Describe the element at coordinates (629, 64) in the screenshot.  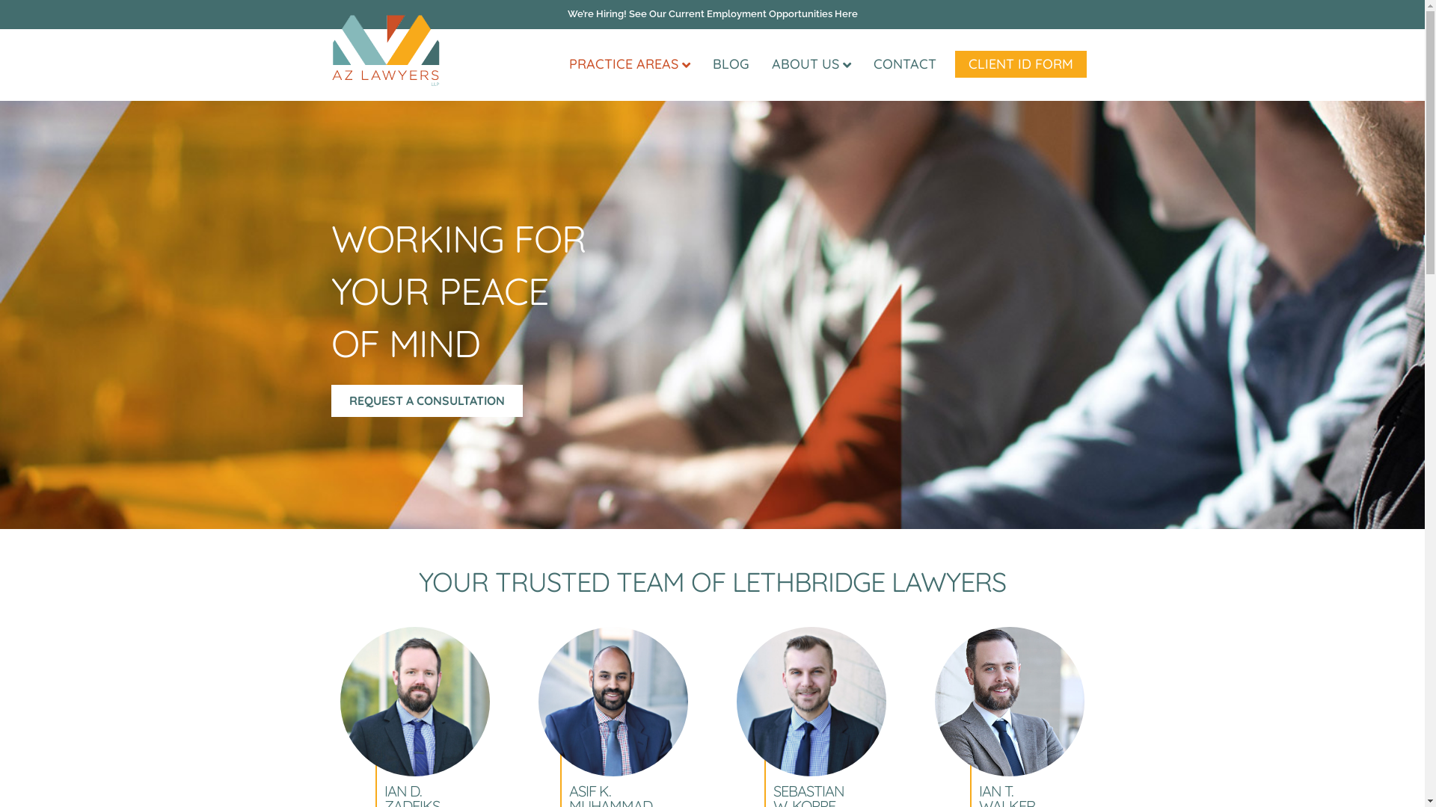
I see `'PRACTICE AREAS'` at that location.